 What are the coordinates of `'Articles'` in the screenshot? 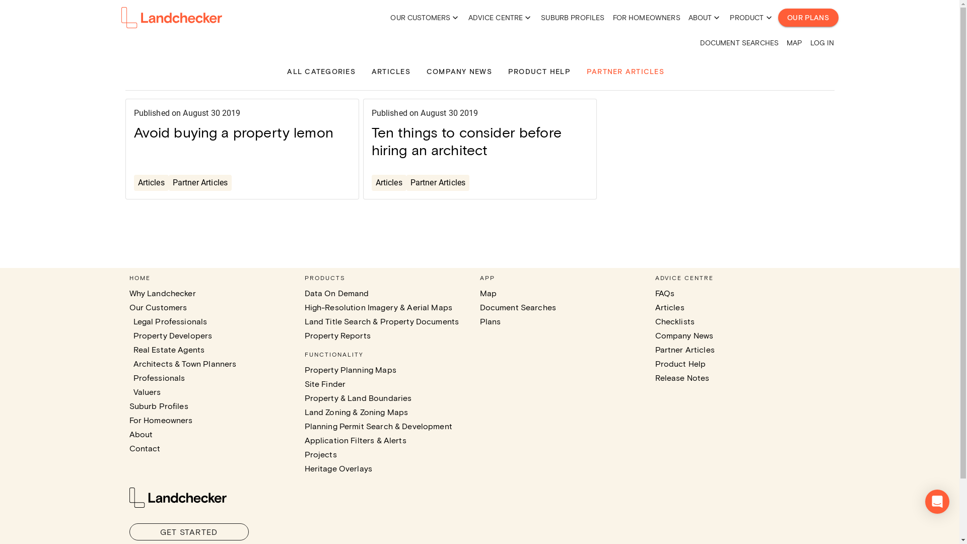 It's located at (151, 182).